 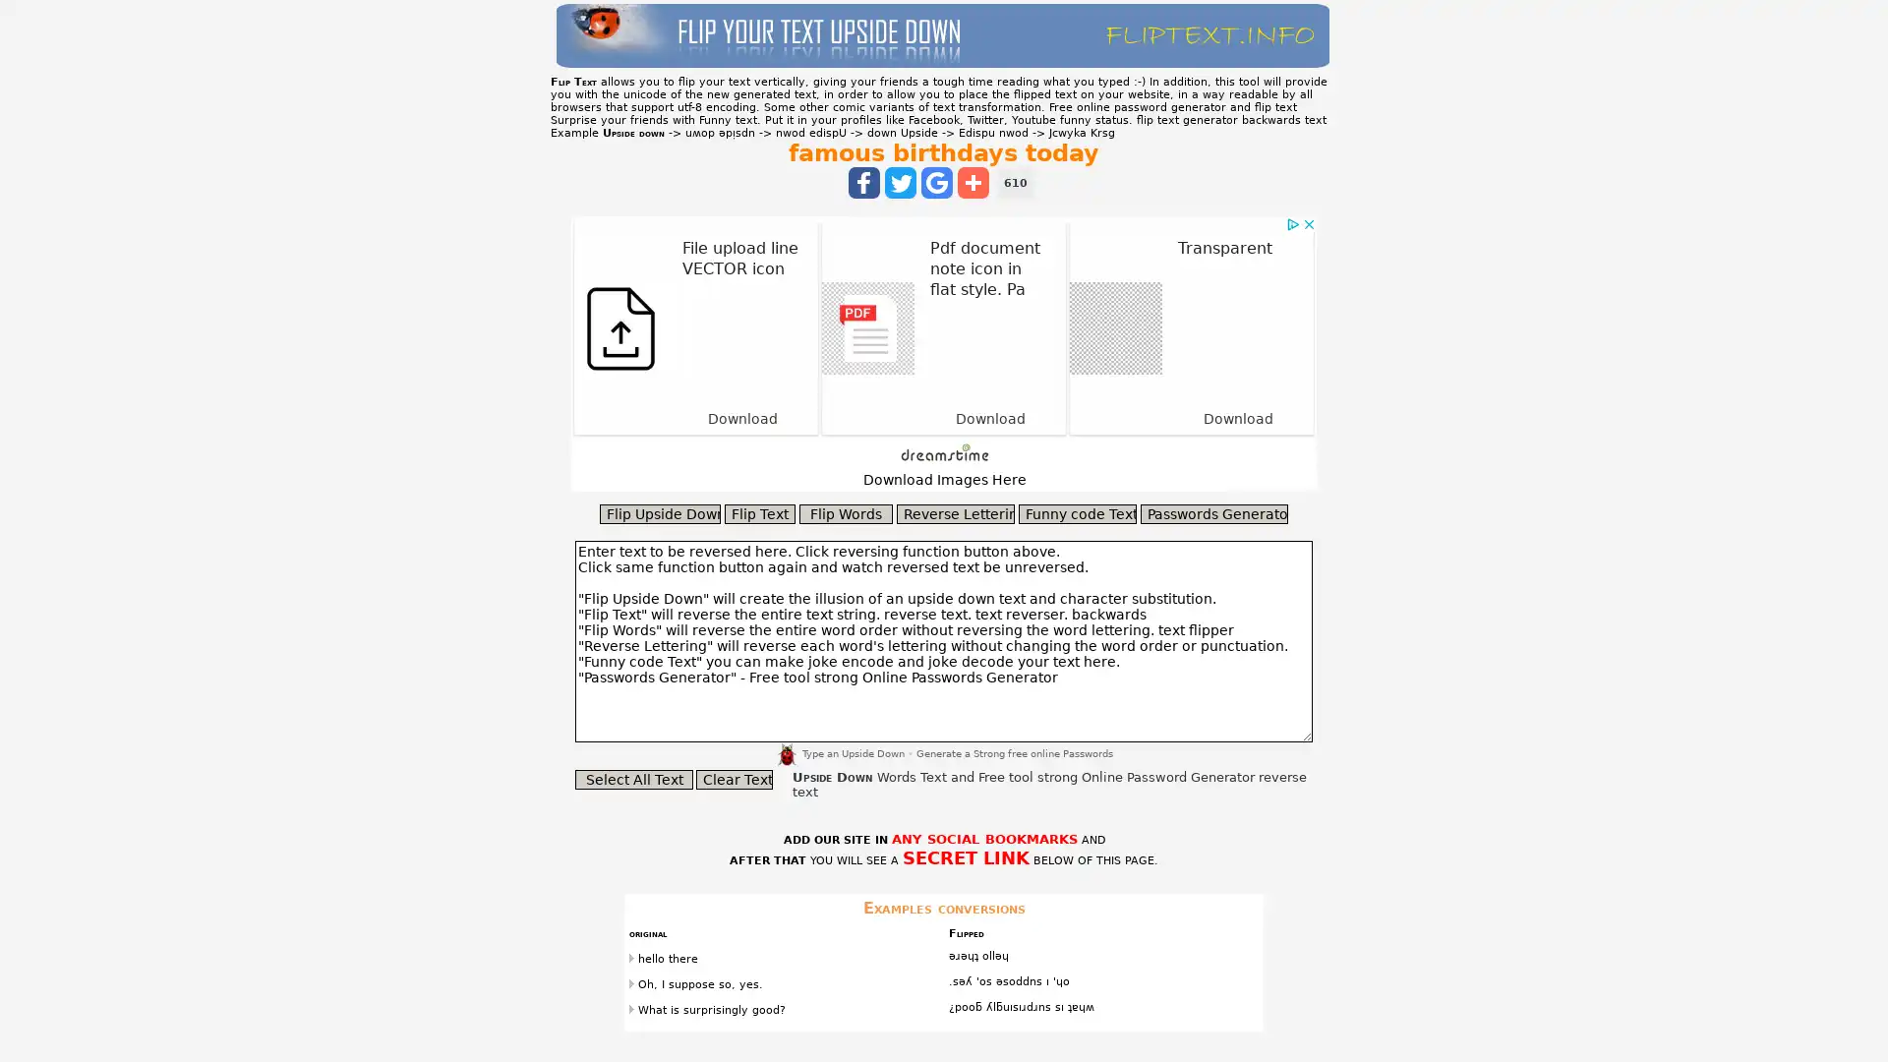 I want to click on Select All Text, so click(x=633, y=779).